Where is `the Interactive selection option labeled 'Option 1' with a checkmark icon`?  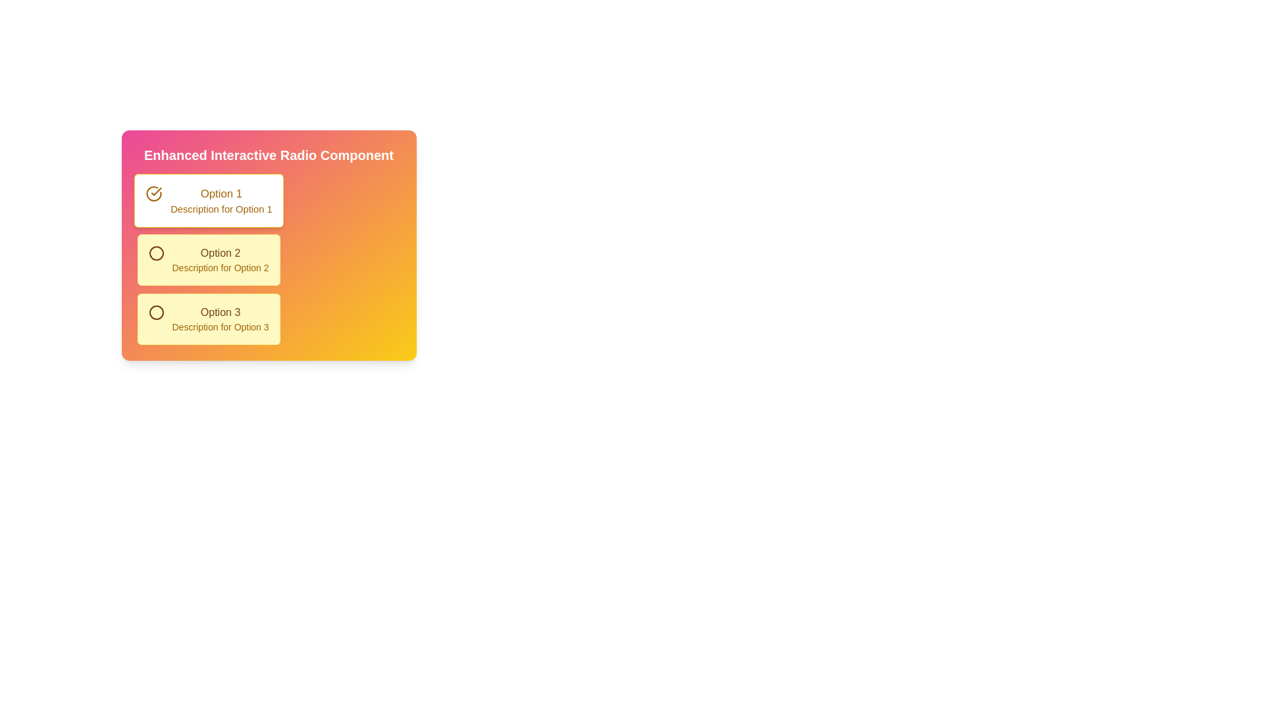
the Interactive selection option labeled 'Option 1' with a checkmark icon is located at coordinates (207, 200).